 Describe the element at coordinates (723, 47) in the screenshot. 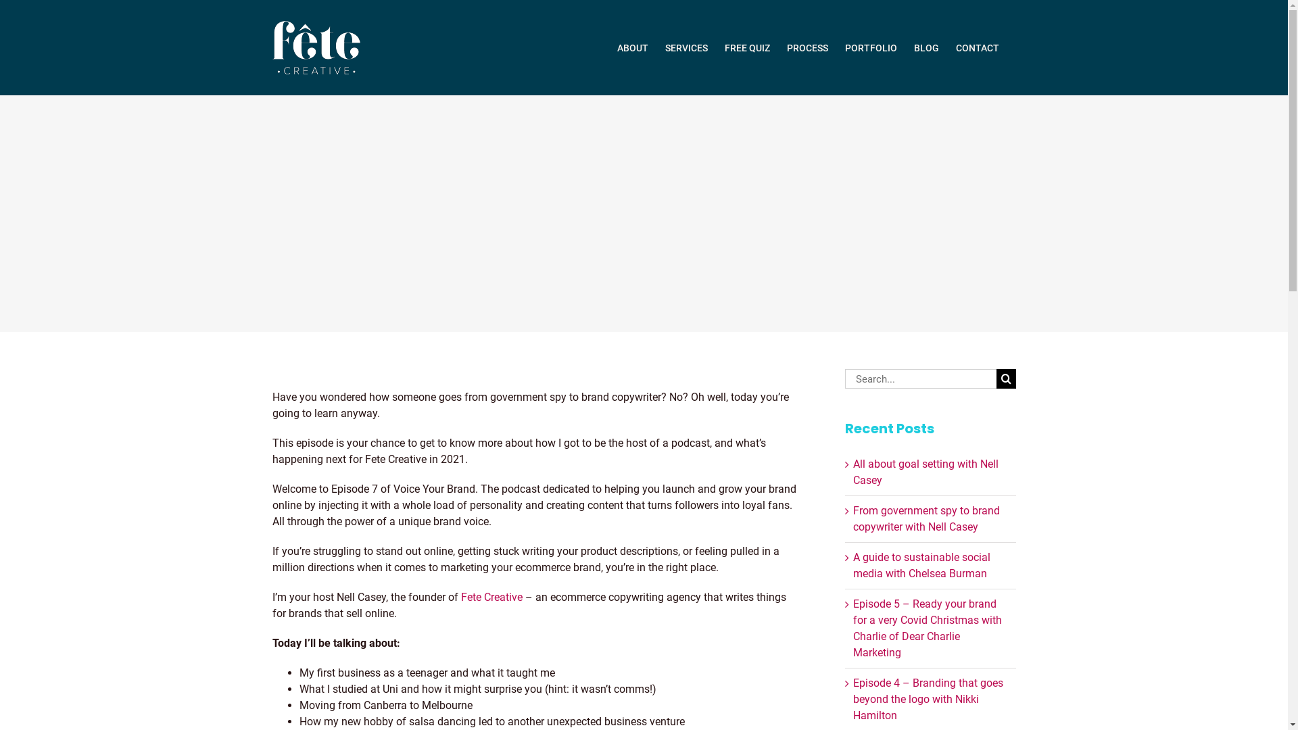

I see `'FREE QUIZ'` at that location.